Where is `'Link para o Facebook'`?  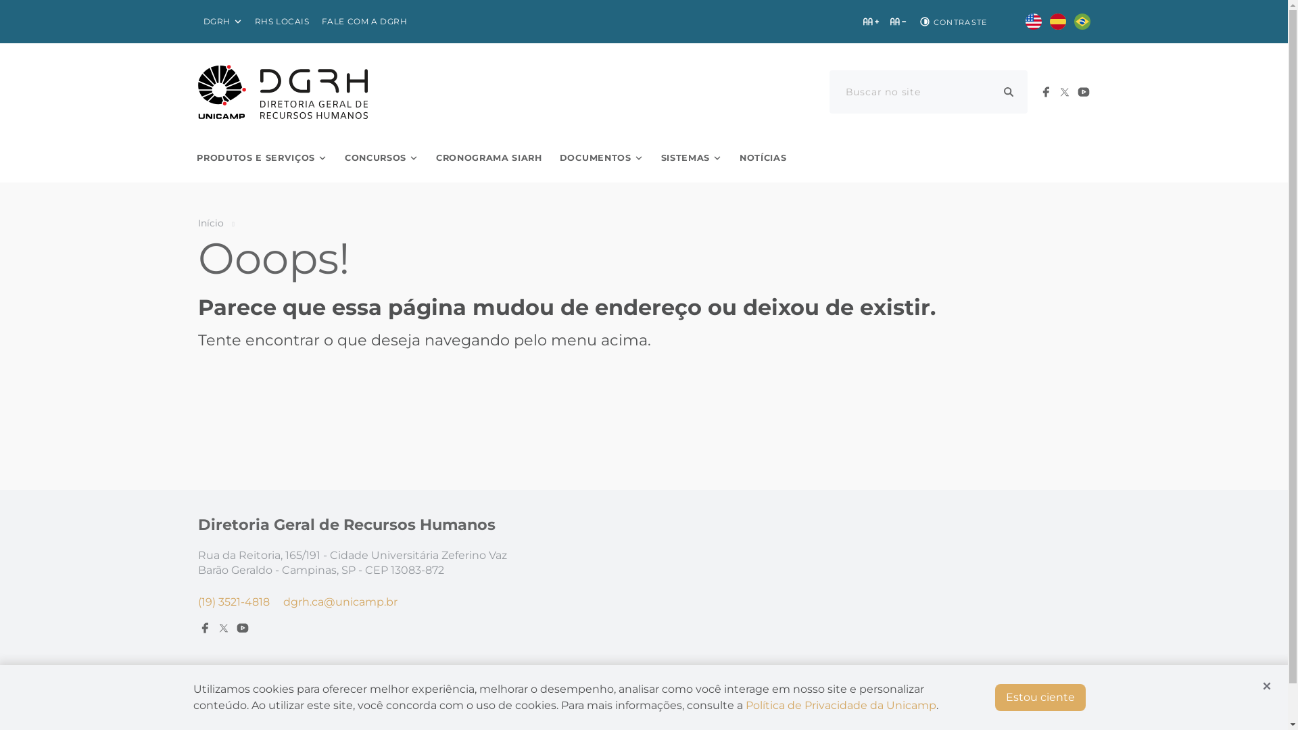
'Link para o Facebook' is located at coordinates (1044, 91).